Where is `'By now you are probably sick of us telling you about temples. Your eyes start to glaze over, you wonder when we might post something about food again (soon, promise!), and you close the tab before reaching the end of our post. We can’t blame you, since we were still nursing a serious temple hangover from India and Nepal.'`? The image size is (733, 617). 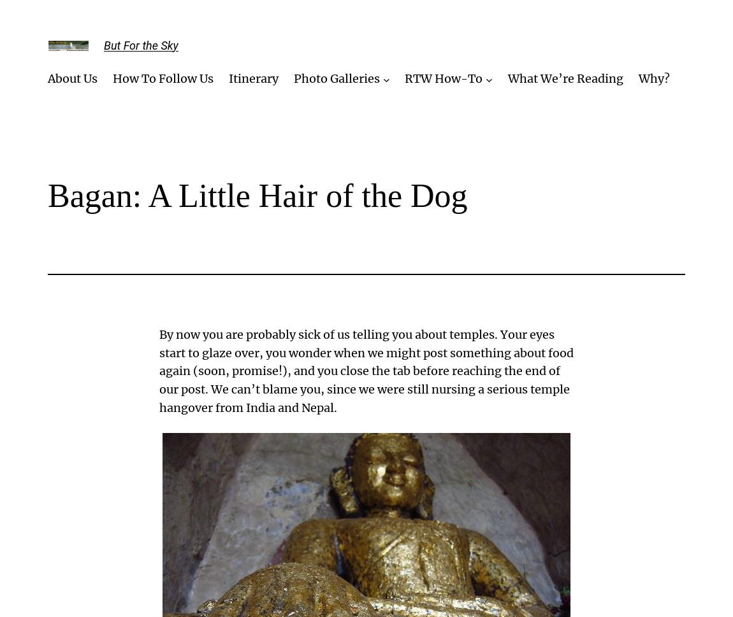
'By now you are probably sick of us telling you about temples. Your eyes start to glaze over, you wonder when we might post something about food again (soon, promise!), and you close the tab before reaching the end of our post. We can’t blame you, since we were still nursing a serious temple hangover from India and Nepal.' is located at coordinates (366, 370).